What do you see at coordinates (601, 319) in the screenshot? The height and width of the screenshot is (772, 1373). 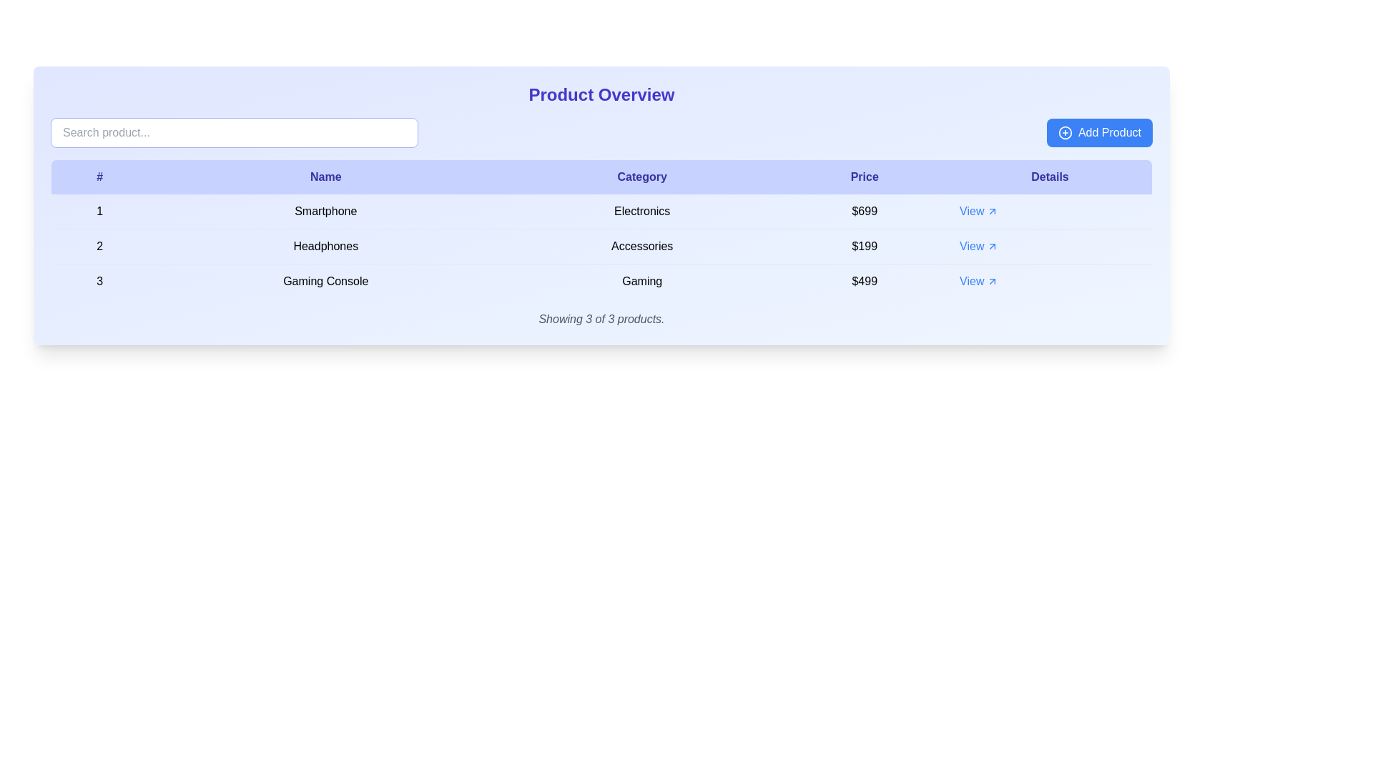 I see `the static text element styled in gray italic font that reads 'Showing 3 of 3 products.' located at the bottom of the product overview section` at bounding box center [601, 319].